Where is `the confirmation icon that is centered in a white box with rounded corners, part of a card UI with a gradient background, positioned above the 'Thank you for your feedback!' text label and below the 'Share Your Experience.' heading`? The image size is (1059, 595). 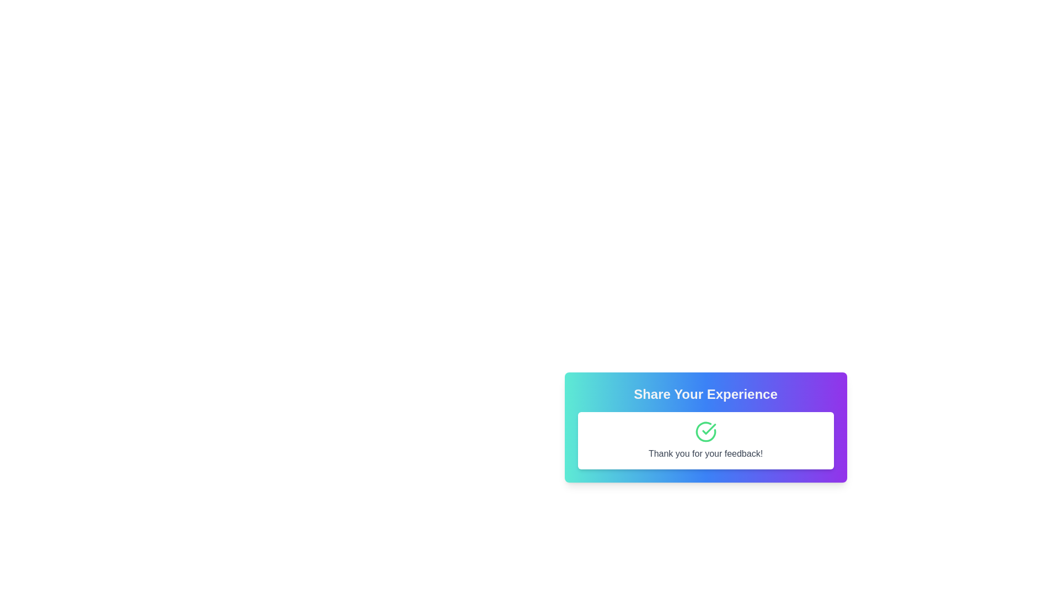 the confirmation icon that is centered in a white box with rounded corners, part of a card UI with a gradient background, positioned above the 'Thank you for your feedback!' text label and below the 'Share Your Experience.' heading is located at coordinates (705, 431).